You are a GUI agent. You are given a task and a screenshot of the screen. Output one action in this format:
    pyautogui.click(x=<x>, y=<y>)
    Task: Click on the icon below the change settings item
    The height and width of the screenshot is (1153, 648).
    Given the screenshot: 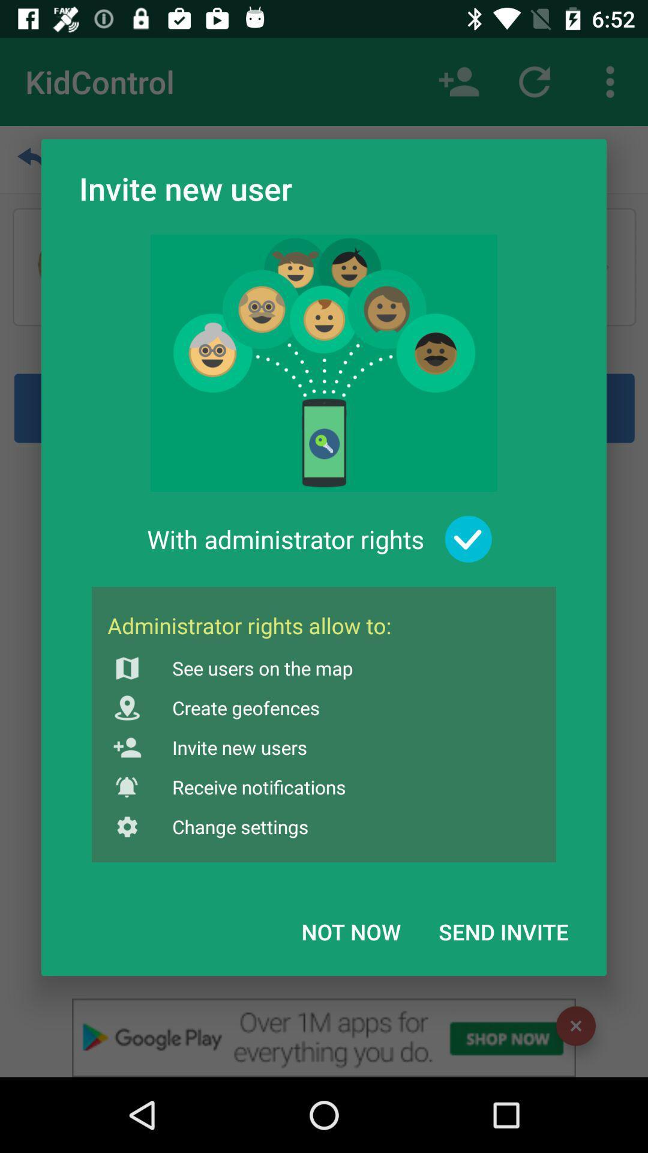 What is the action you would take?
    pyautogui.click(x=351, y=931)
    